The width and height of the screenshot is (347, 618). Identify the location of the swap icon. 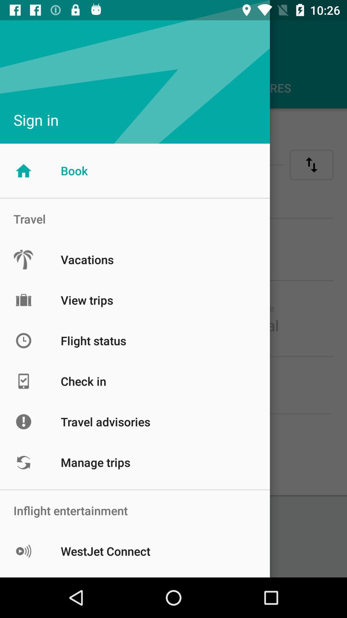
(311, 165).